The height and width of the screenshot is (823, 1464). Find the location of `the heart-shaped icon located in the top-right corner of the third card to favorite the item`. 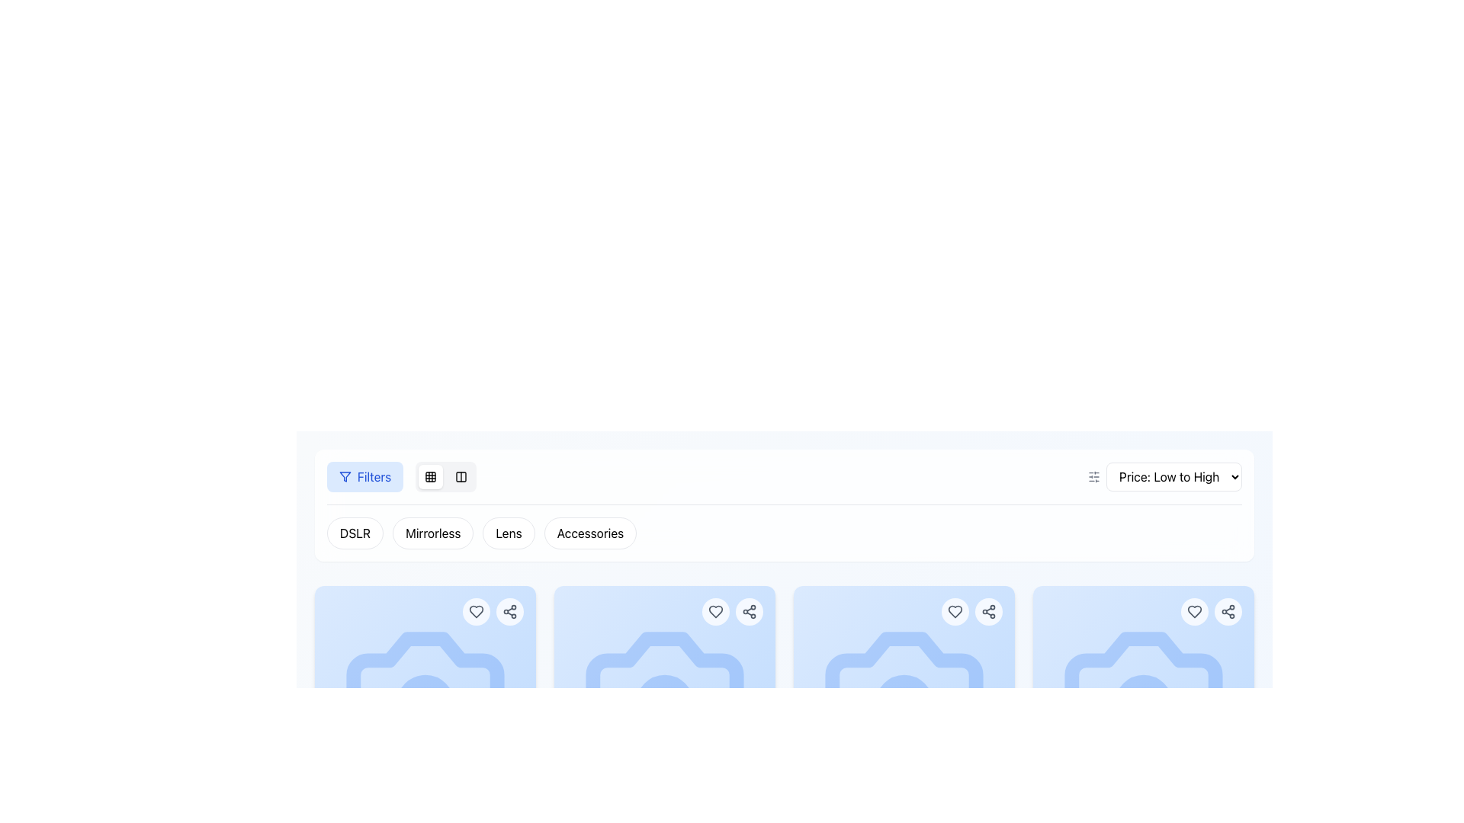

the heart-shaped icon located in the top-right corner of the third card to favorite the item is located at coordinates (954, 610).